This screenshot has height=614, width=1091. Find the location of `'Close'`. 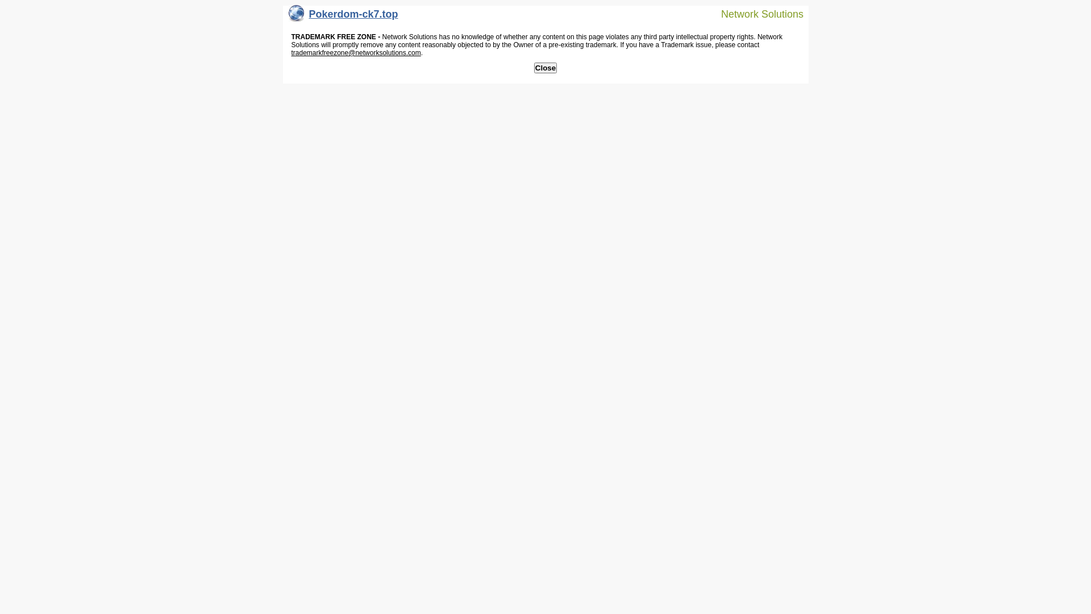

'Close' is located at coordinates (545, 68).